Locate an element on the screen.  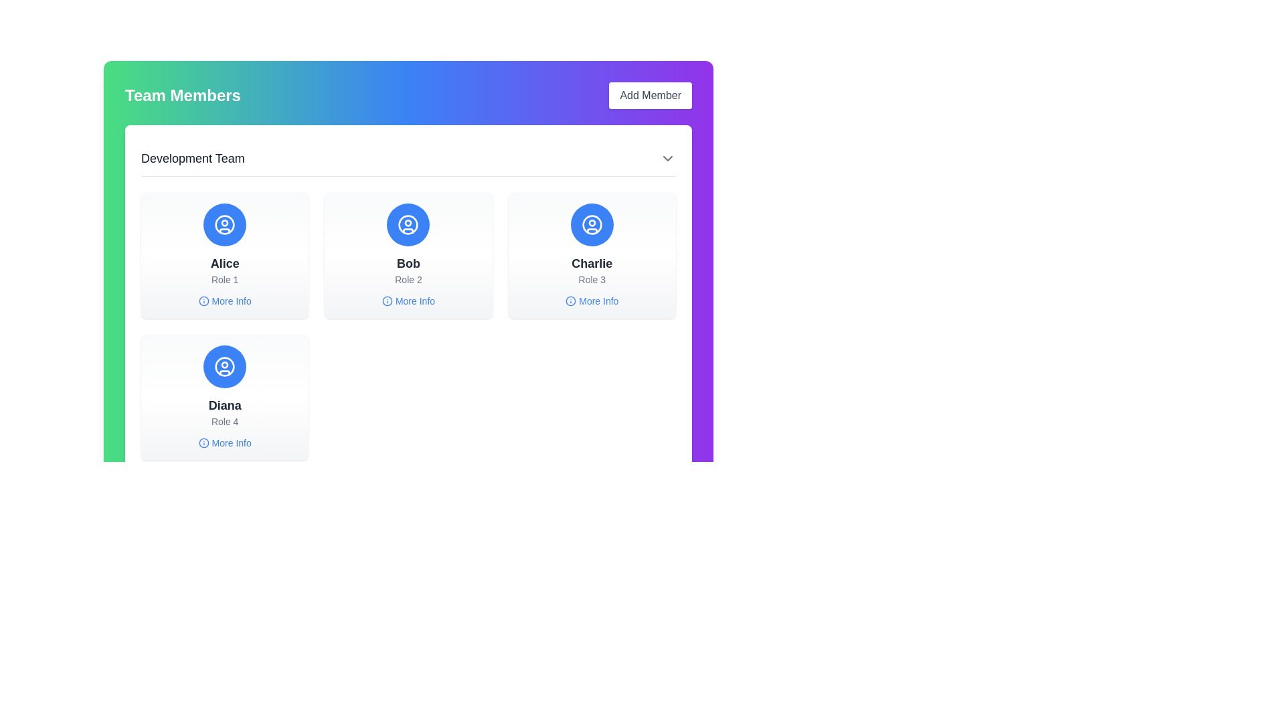
the 'More Info' button-like link styled label at the bottom center of the card for user 'Alice' to receive a tooltip or visual feedback is located at coordinates (225, 301).